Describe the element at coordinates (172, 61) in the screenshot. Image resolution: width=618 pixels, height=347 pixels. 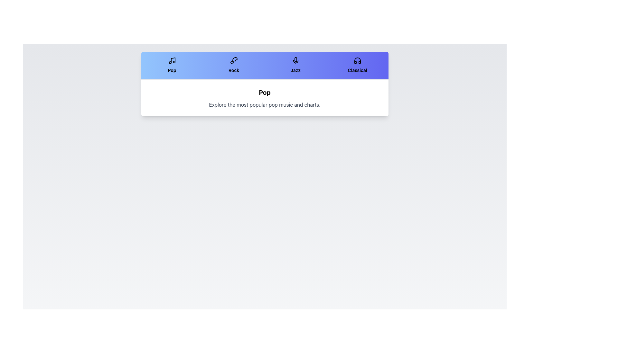
I see `the 'Pop' music genre selection icon in the top-left section of the navigation menu, which is the first icon among similar genre icons` at that location.